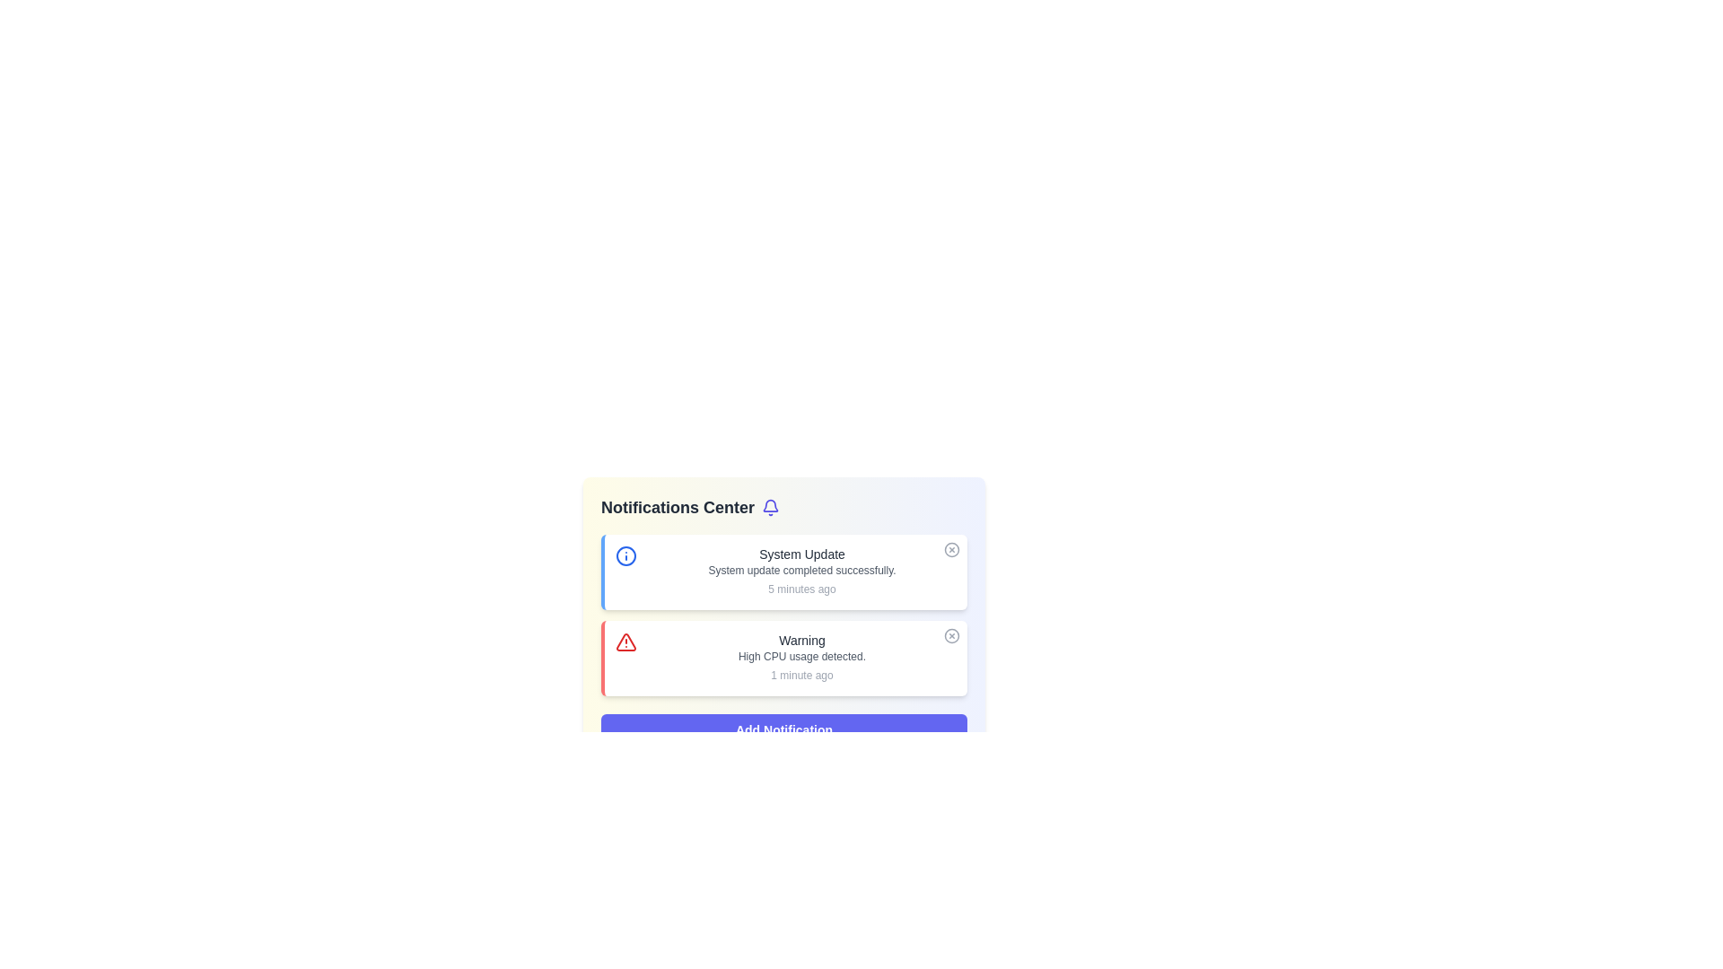  Describe the element at coordinates (800, 657) in the screenshot. I see `the text label displaying the message 'High CPU usage detected.' which is located within the second 'Warning' notification card in the notification panel` at that location.